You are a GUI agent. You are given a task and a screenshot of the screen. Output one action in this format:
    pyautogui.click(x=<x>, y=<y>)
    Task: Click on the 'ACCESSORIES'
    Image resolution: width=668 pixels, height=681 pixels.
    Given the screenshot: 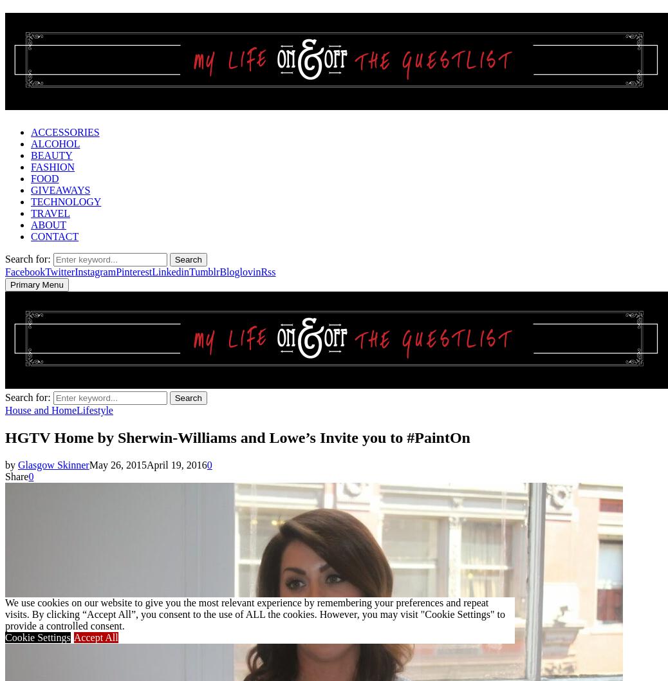 What is the action you would take?
    pyautogui.click(x=64, y=131)
    